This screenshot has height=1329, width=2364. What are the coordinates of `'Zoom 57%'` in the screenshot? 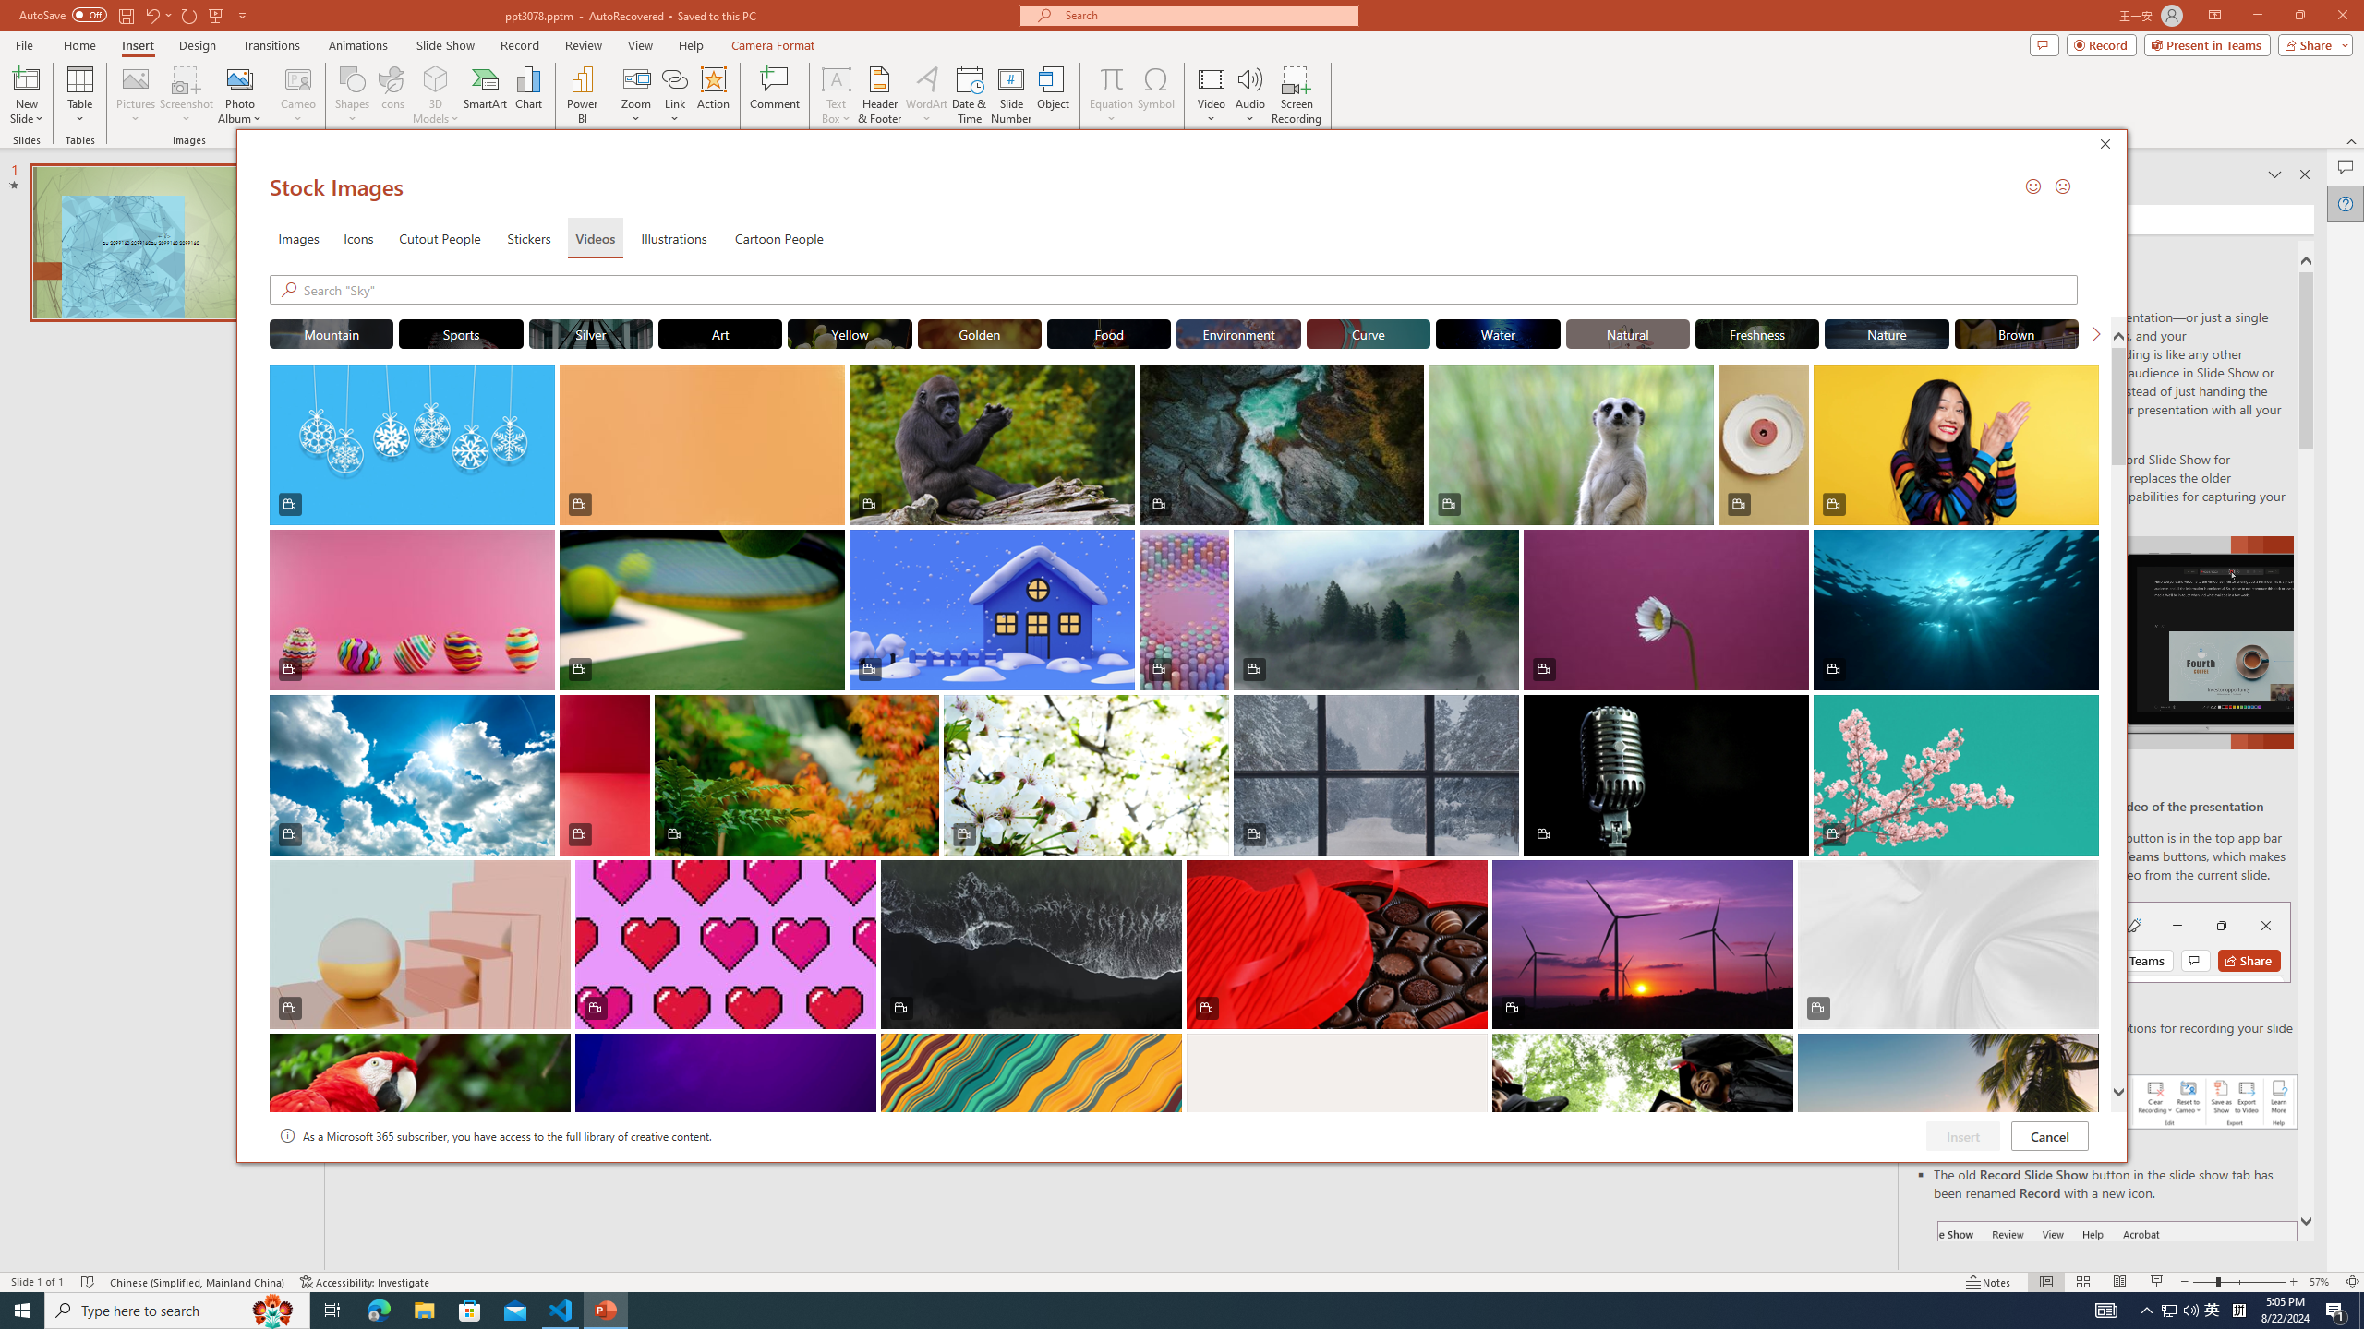 It's located at (2322, 1282).